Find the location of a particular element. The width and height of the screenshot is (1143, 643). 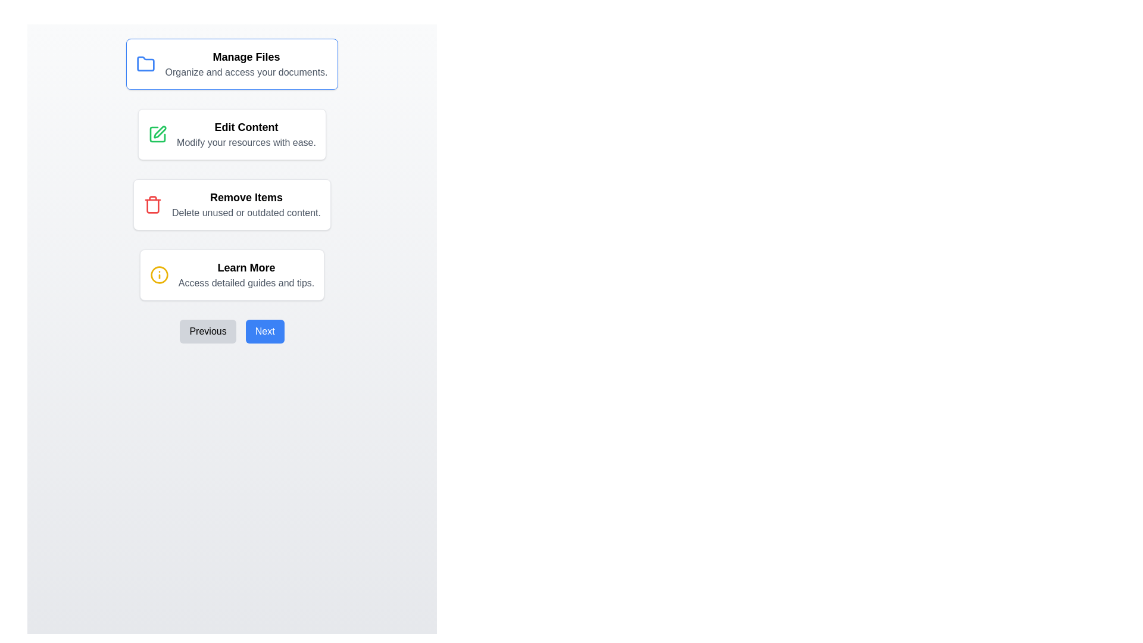

the fourth informational card in the vertical list is located at coordinates (232, 275).